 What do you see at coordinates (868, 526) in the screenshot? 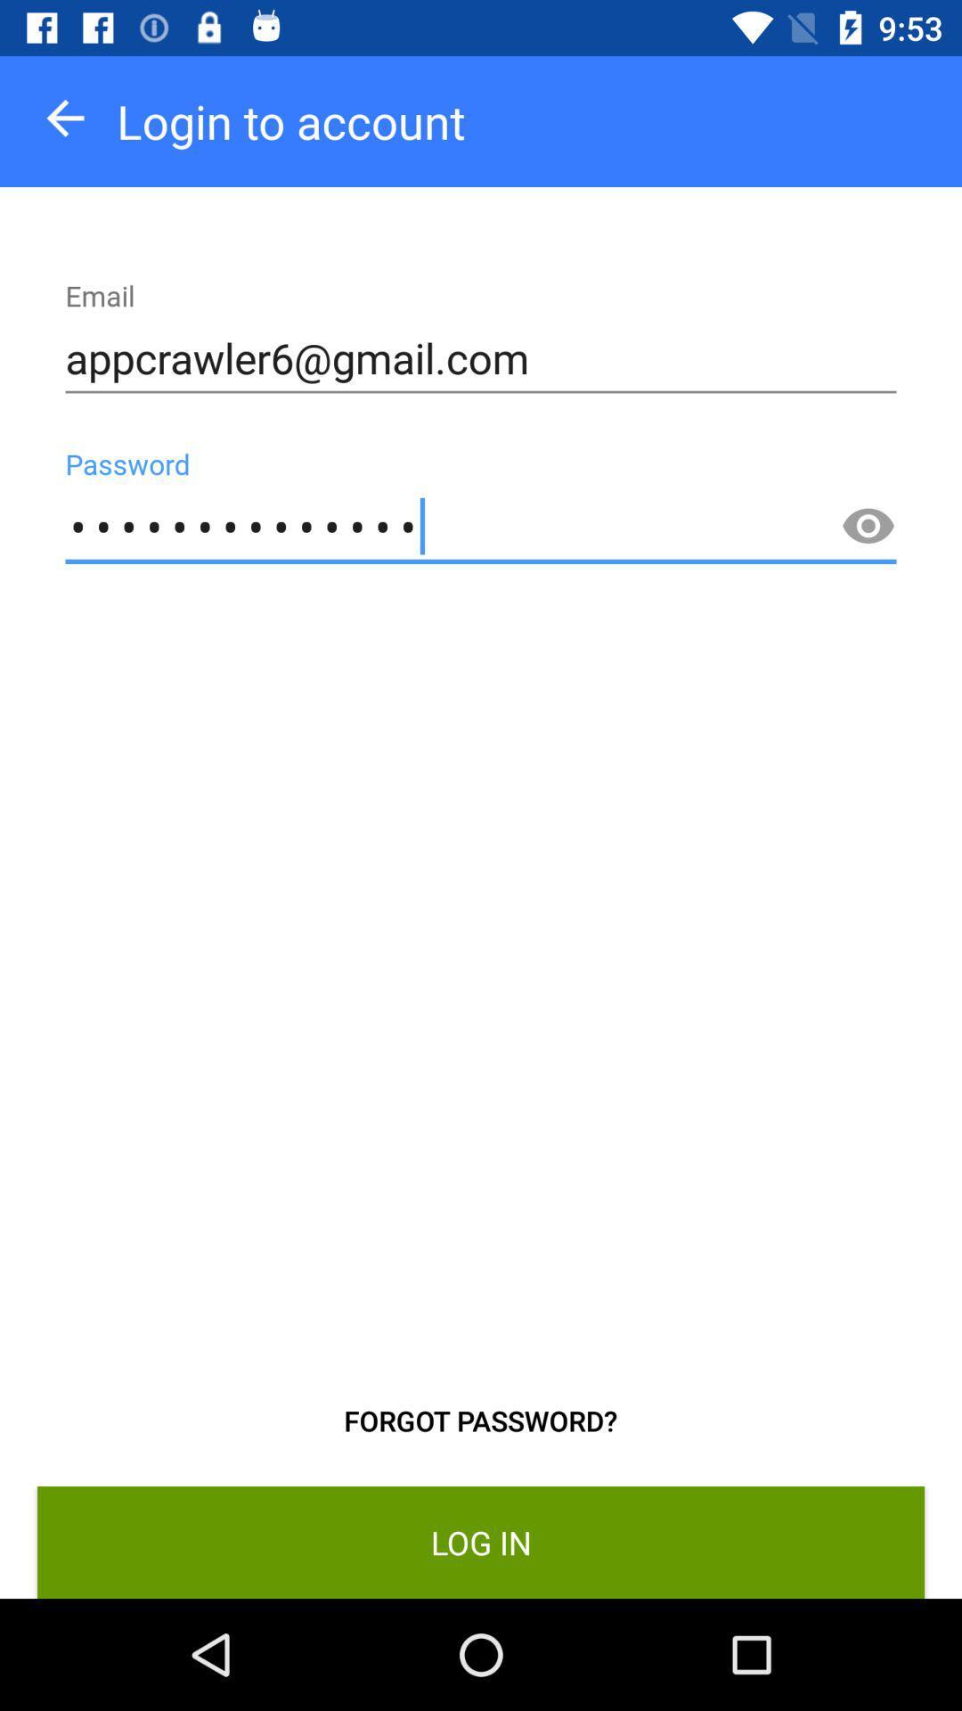
I see `item at the top right corner` at bounding box center [868, 526].